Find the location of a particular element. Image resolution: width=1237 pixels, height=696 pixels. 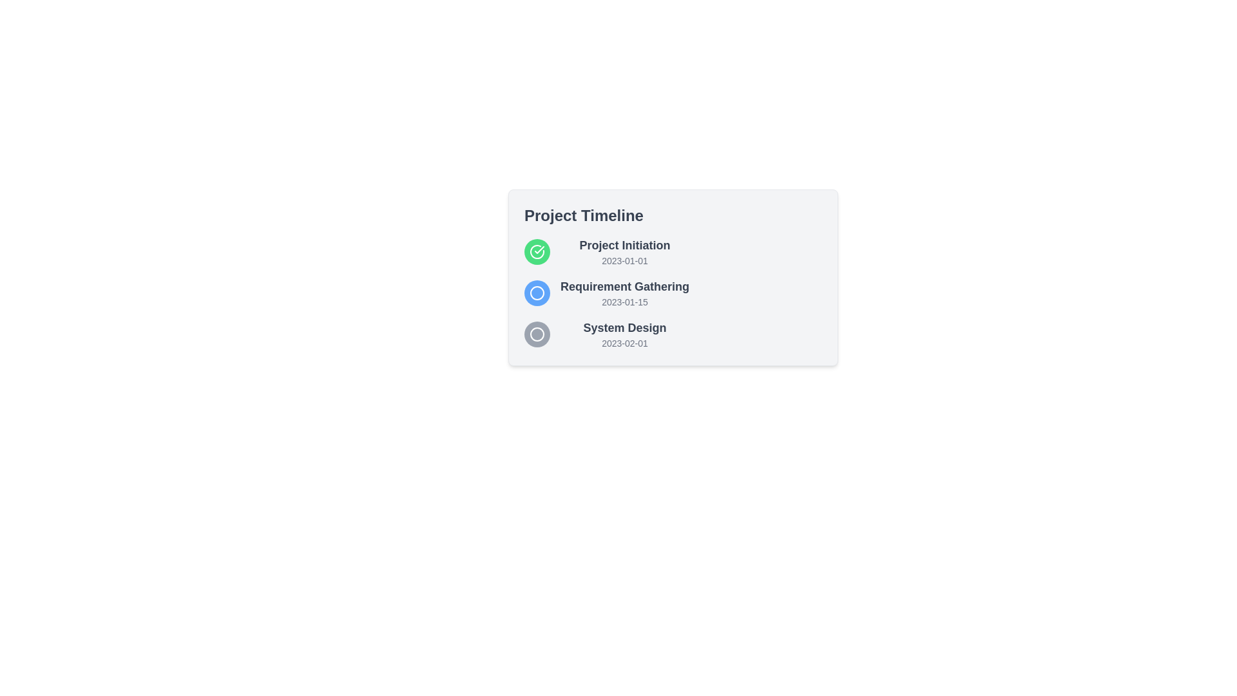

the status indicator icon for the 'Project Initiation' phase in the 'Project Timeline' section, located at the far left of the 'Project Initiation' item is located at coordinates (537, 251).